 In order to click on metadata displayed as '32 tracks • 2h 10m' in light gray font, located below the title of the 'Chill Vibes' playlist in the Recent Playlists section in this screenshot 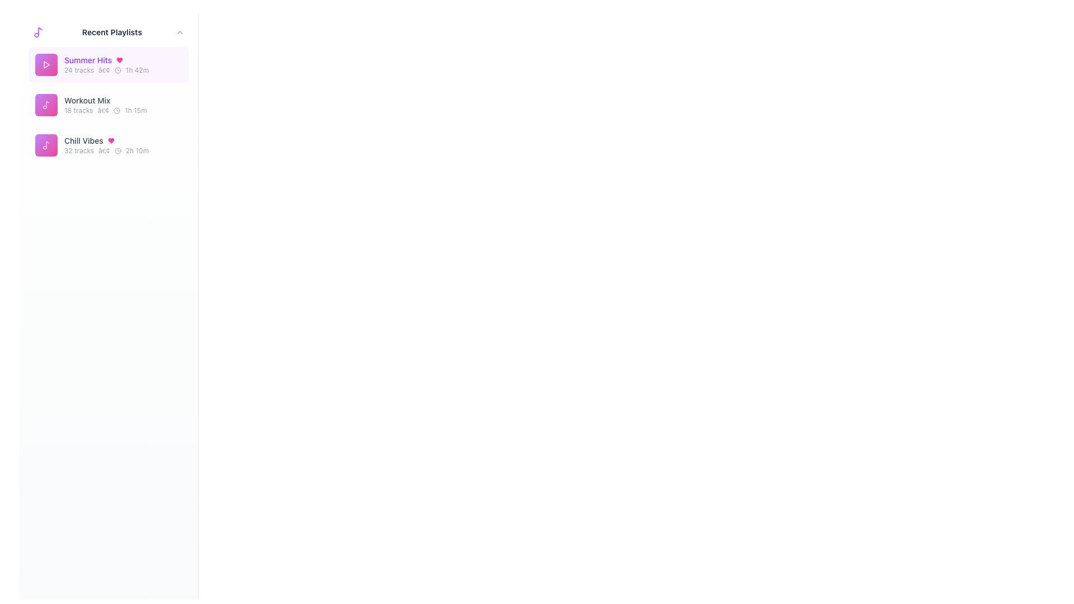, I will do `click(123, 151)`.